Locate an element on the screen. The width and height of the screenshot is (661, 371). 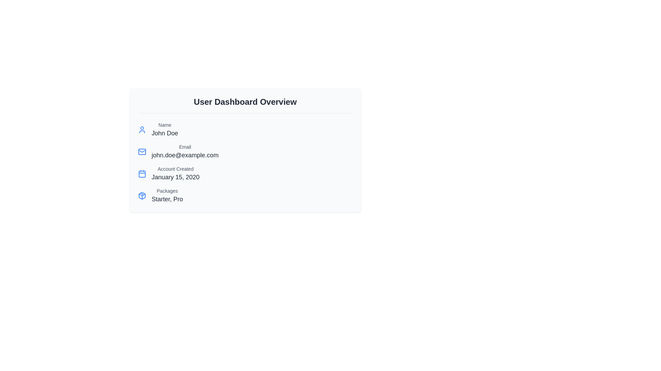
the decorative icon associated with the text 'Packages' and 'Starter, Pro' located at the bottom part of the summary box is located at coordinates (141, 196).